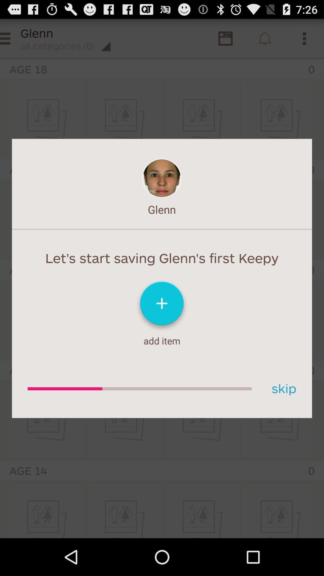 The image size is (324, 576). Describe the element at coordinates (282, 389) in the screenshot. I see `item at the bottom right corner` at that location.